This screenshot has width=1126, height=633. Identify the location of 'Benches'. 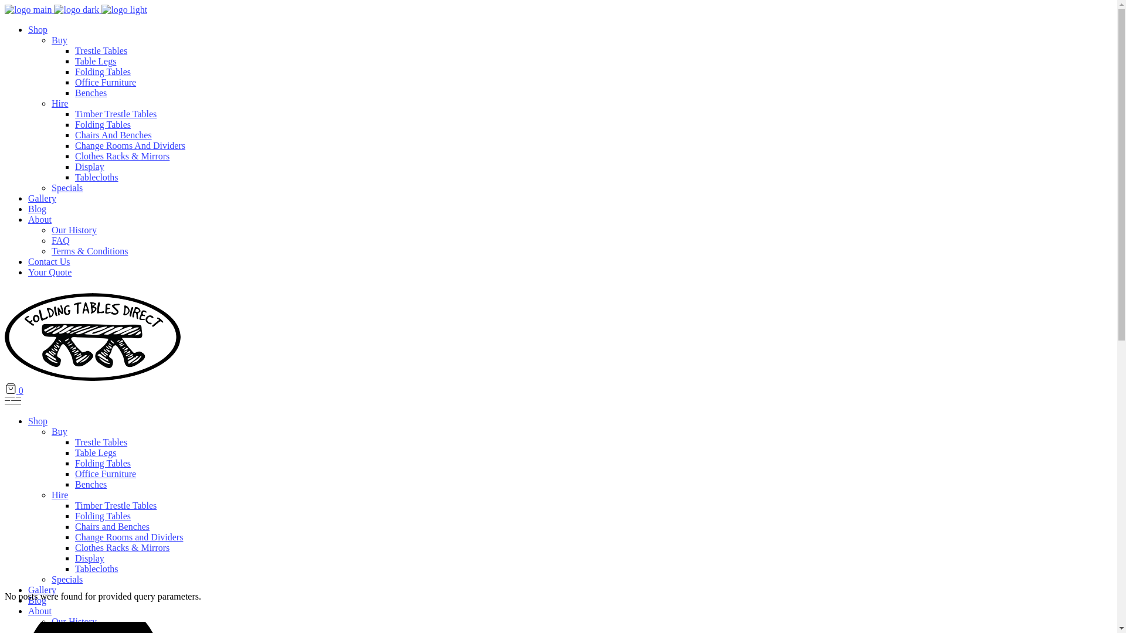
(90, 484).